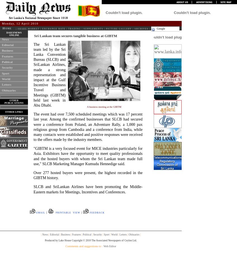 This screenshot has width=237, height=279. I want to click on 'Monday, 12 April 2010', so click(20, 23).